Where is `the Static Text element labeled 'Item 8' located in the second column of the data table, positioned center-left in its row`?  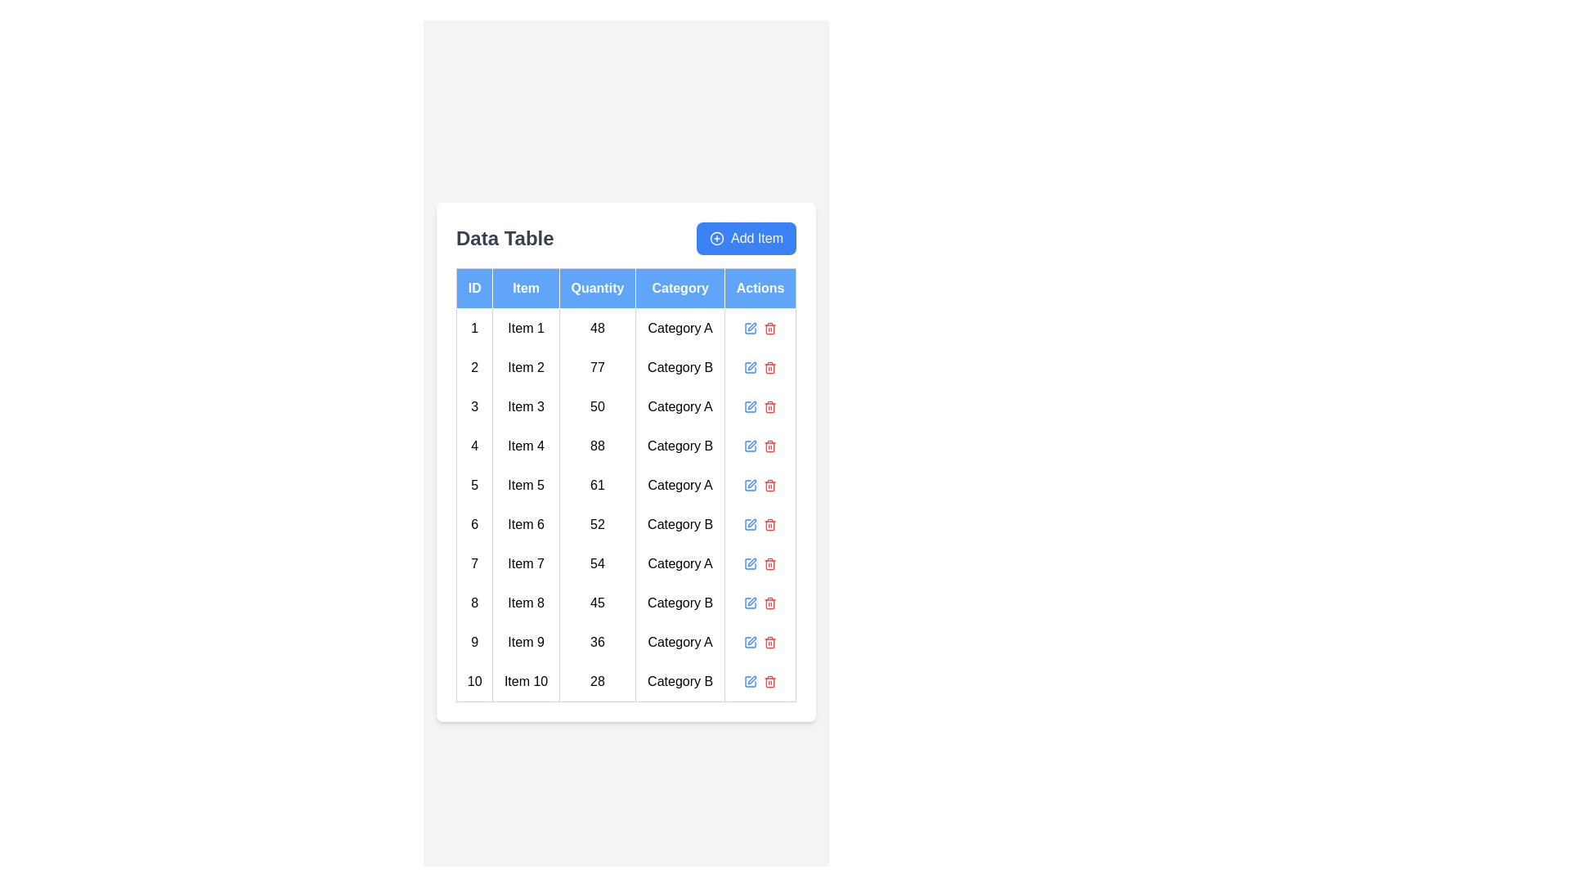
the Static Text element labeled 'Item 8' located in the second column of the data table, positioned center-left in its row is located at coordinates (526, 603).